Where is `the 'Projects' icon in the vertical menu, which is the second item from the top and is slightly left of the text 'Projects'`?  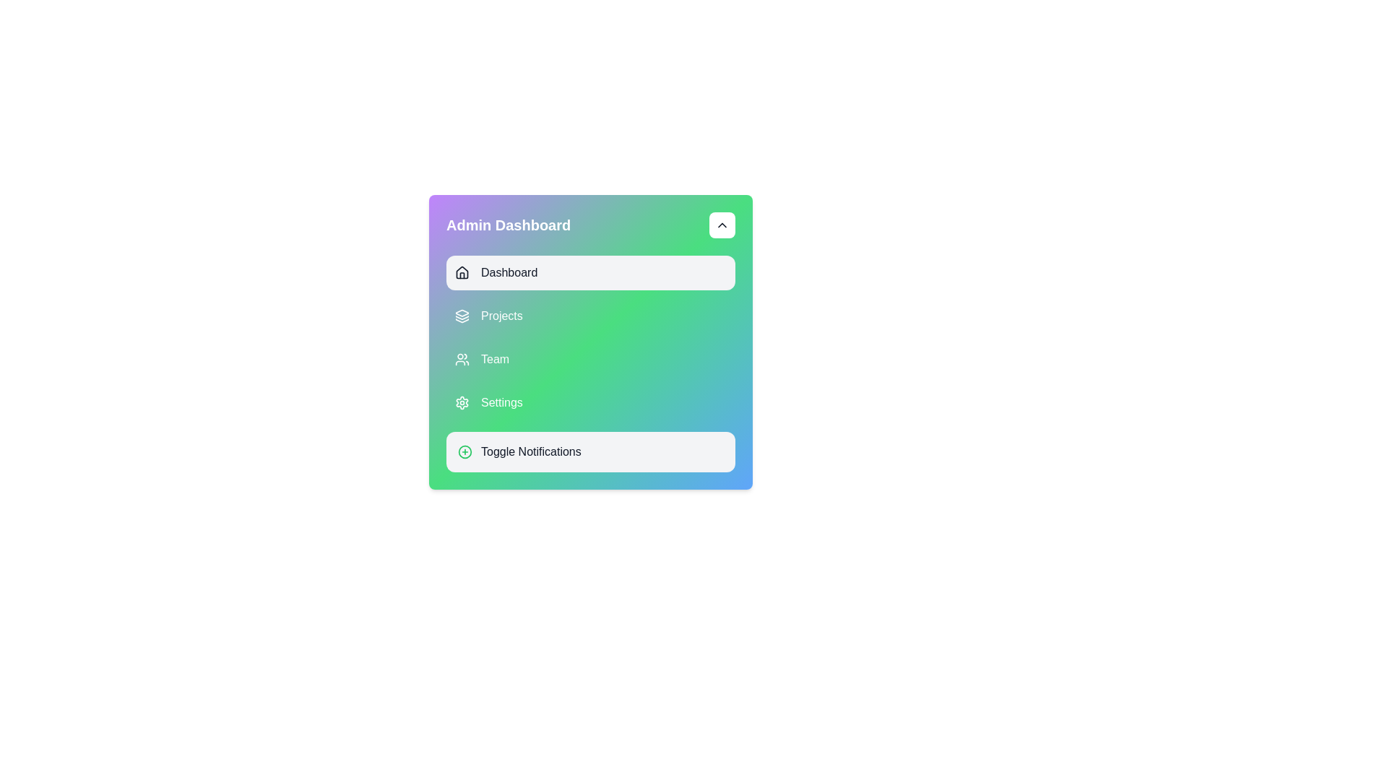
the 'Projects' icon in the vertical menu, which is the second item from the top and is slightly left of the text 'Projects' is located at coordinates (461, 316).